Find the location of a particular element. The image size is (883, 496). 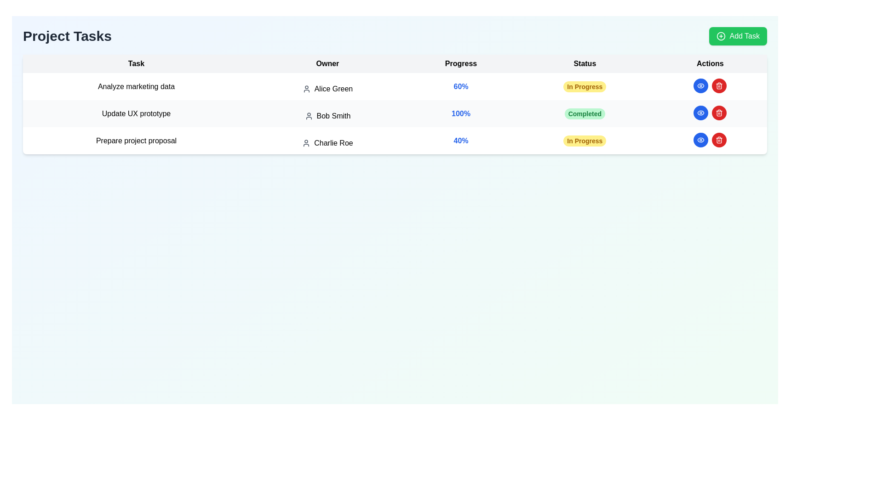

on the second row of the 'Project Tasks' table, which contains the task title 'Update UX prototype' is located at coordinates (395, 113).